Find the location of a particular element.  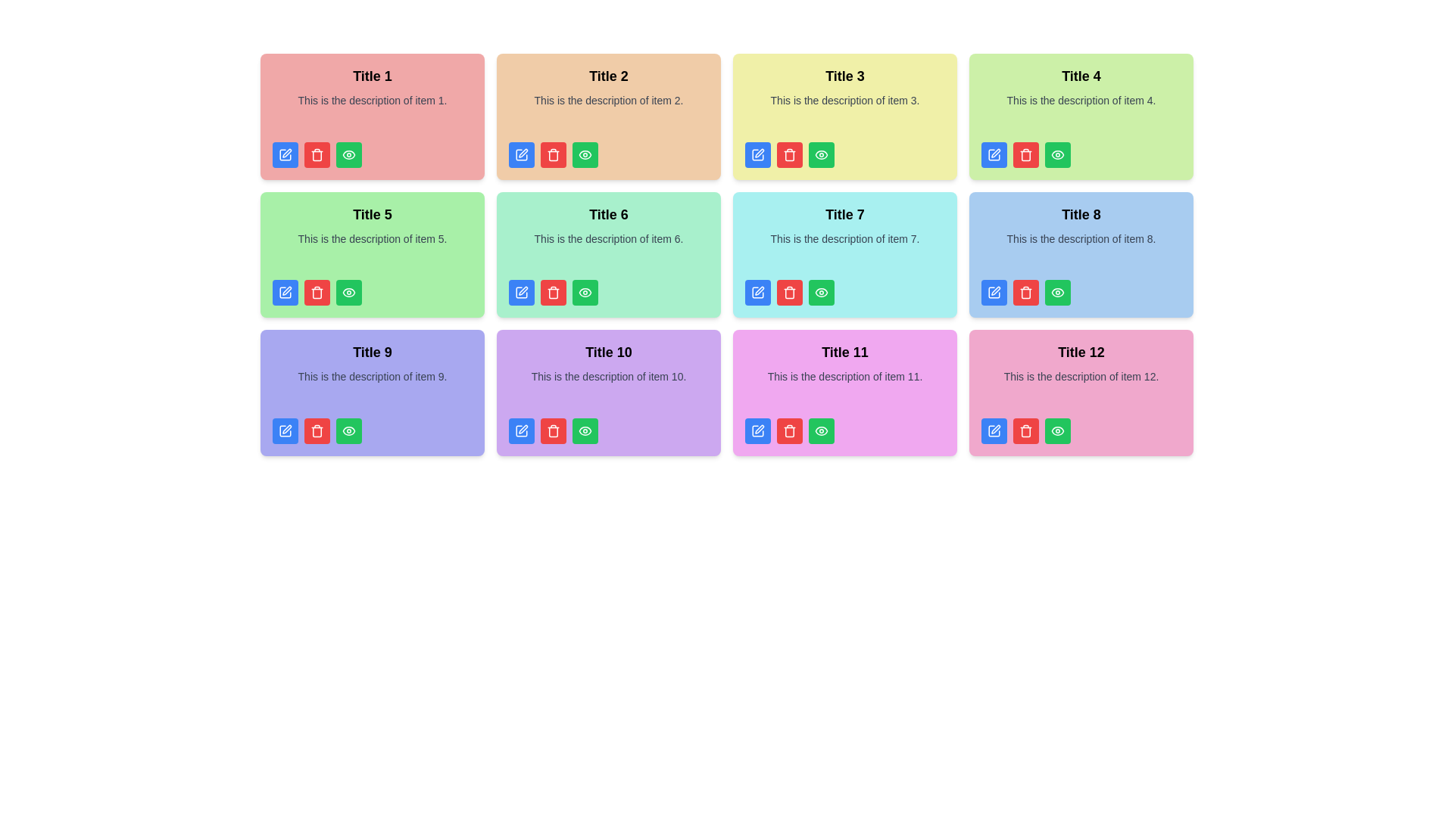

the visibility toggle icon located at the bottom-right corner of the card labeled 'Title 6', which is the third icon from the left is located at coordinates (584, 292).